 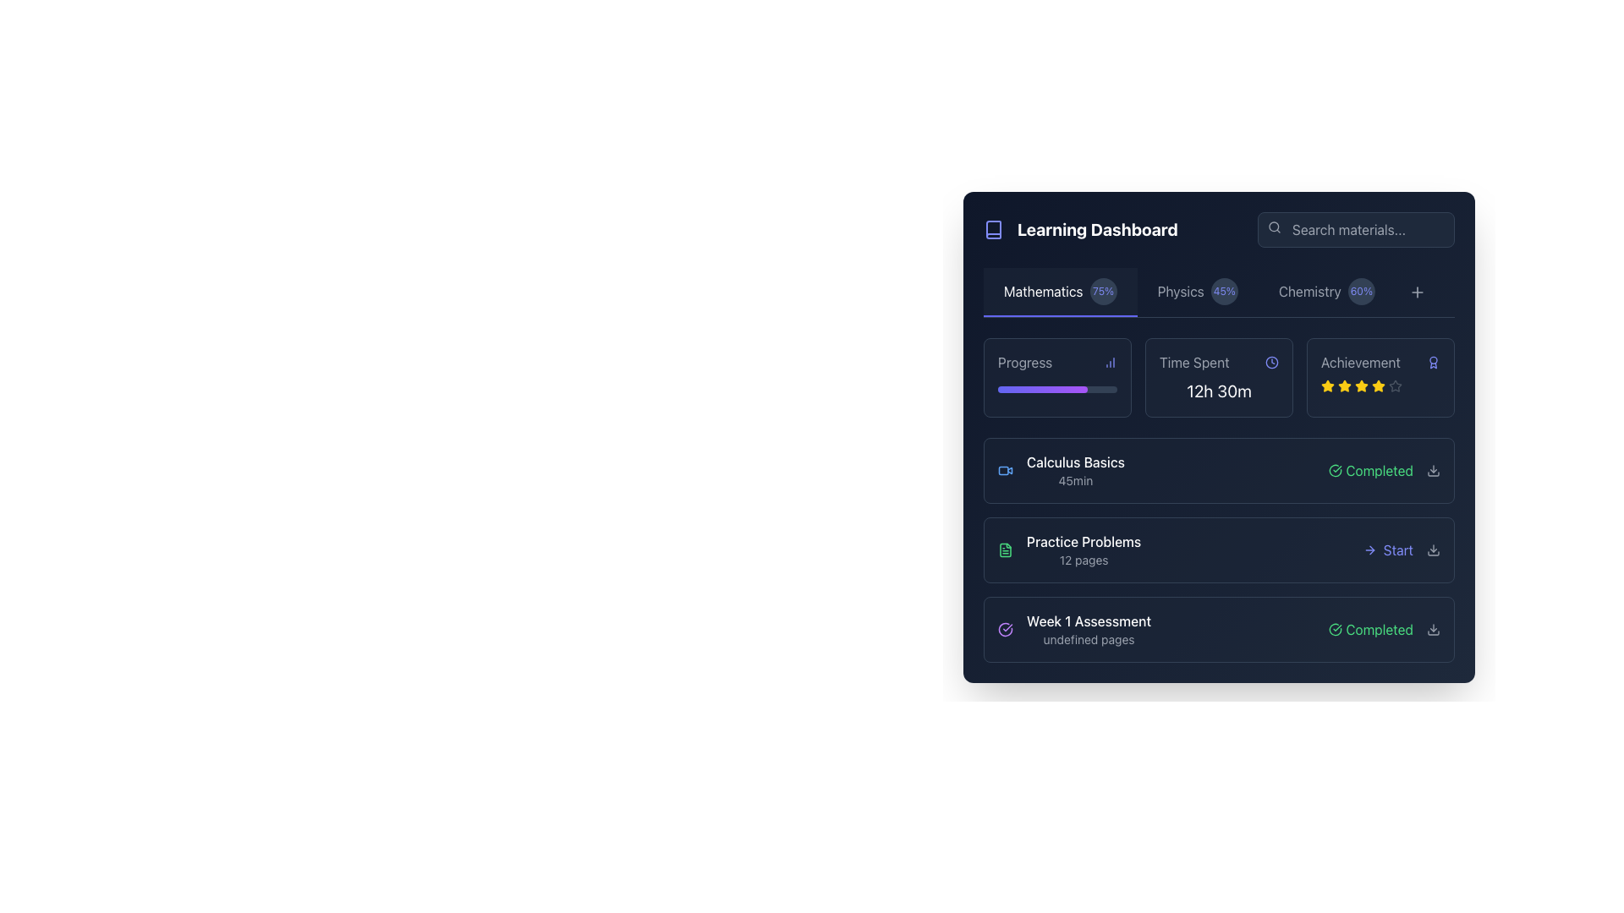 I want to click on the 'Week 1 Assessment' text in white font, so click(x=1073, y=629).